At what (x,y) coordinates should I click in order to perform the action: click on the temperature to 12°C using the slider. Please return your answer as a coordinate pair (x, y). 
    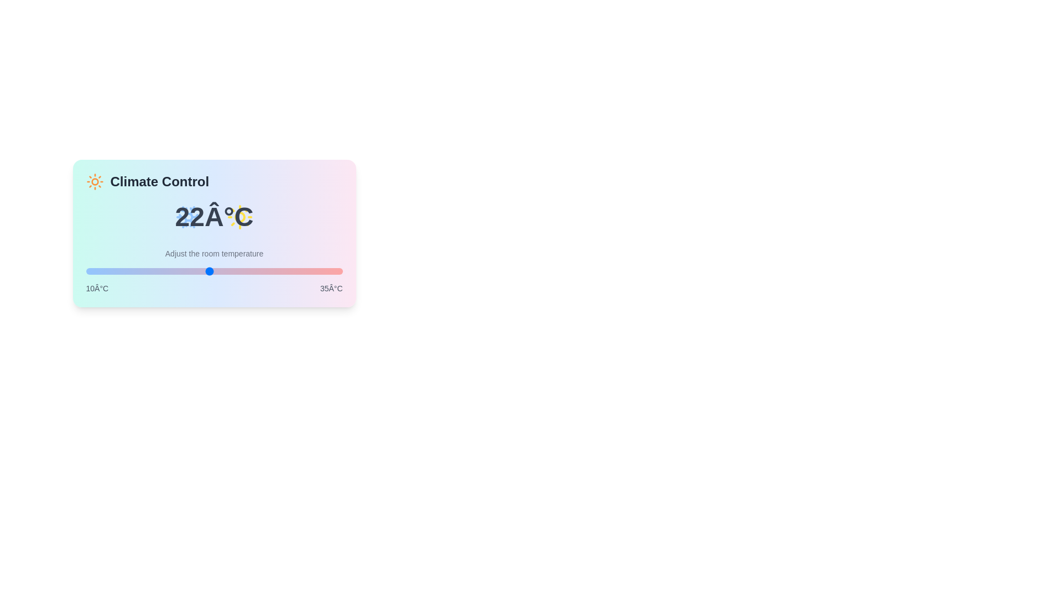
    Looking at the image, I should click on (106, 271).